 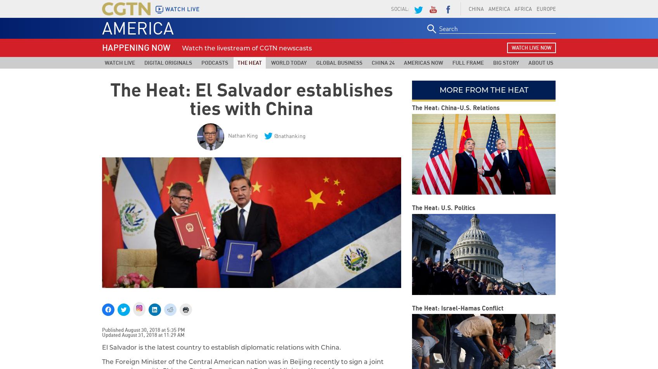 I want to click on 'Americas Now', so click(x=404, y=62).